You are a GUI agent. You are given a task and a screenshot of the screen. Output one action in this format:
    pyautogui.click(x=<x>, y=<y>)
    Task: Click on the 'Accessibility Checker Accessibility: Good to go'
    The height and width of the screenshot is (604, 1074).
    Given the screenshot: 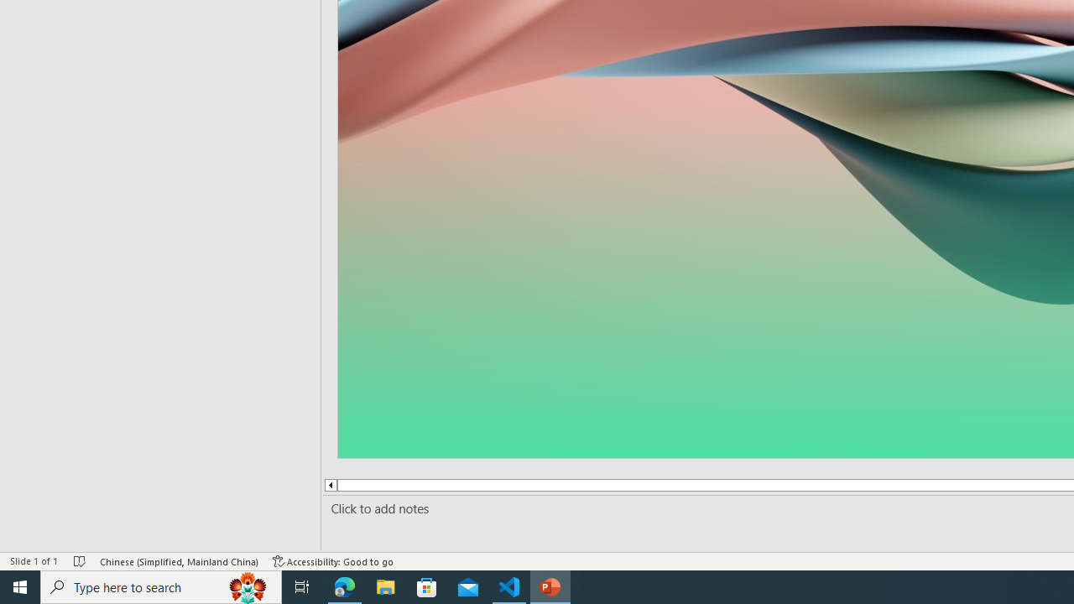 What is the action you would take?
    pyautogui.click(x=333, y=561)
    